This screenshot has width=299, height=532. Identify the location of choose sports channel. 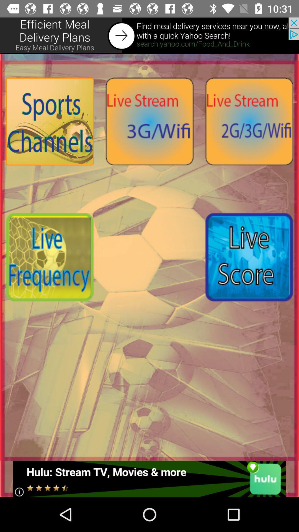
(50, 121).